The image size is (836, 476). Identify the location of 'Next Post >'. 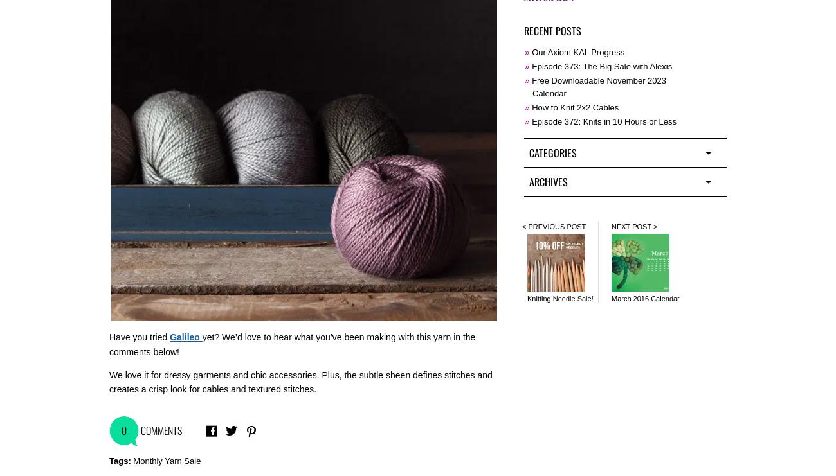
(633, 225).